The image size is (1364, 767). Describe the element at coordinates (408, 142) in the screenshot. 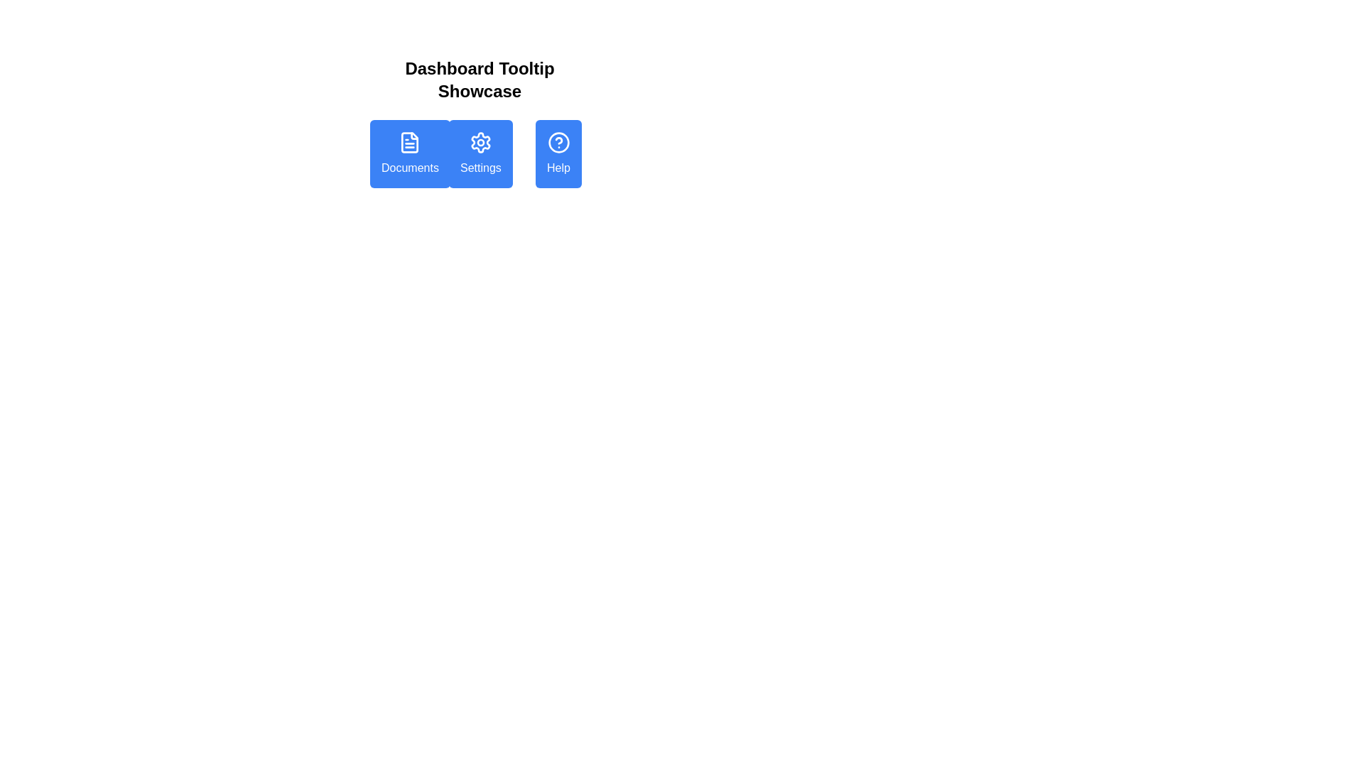

I see `the 'Documents' button, which is the first button in a horizontal row of three buttons under the 'Dashboard Tooltip Showcase' heading` at that location.